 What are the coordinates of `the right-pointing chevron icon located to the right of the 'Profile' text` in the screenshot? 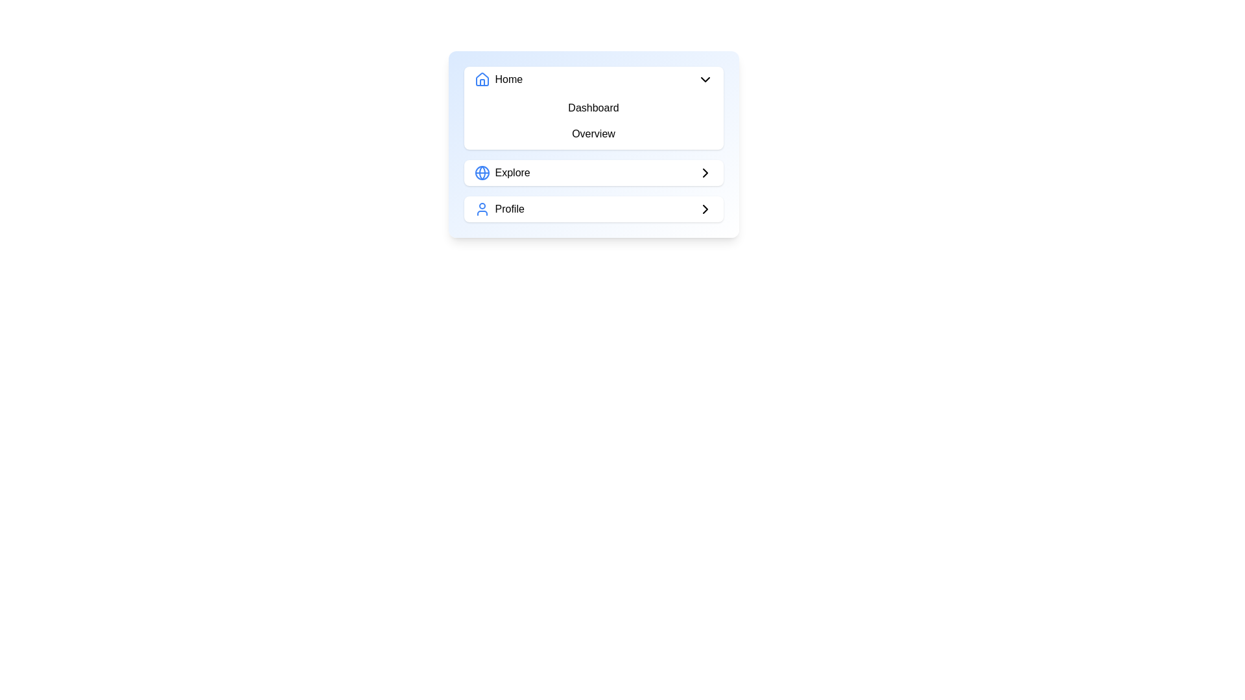 It's located at (704, 209).